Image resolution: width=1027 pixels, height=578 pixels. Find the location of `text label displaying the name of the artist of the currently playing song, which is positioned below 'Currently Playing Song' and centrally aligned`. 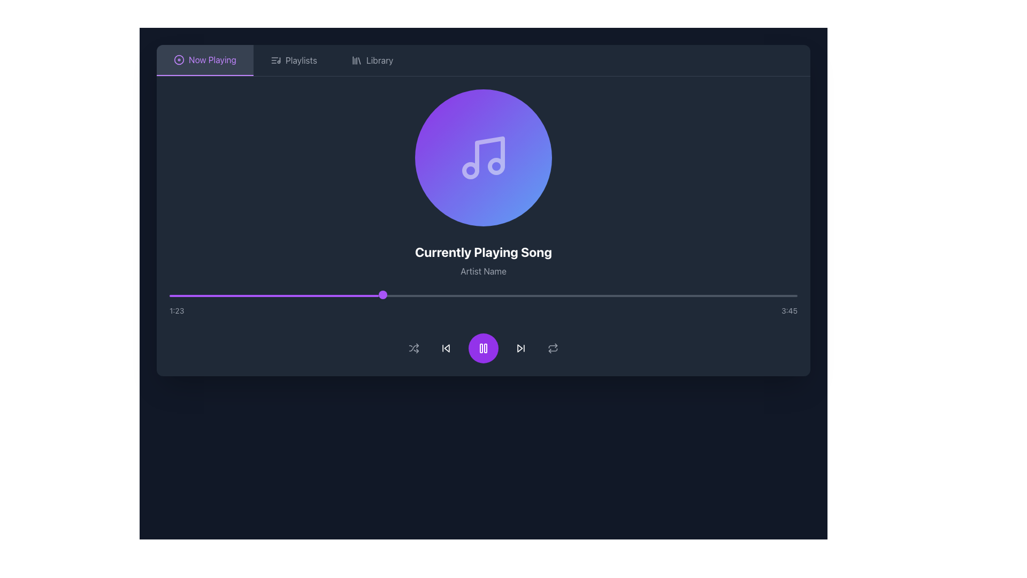

text label displaying the name of the artist of the currently playing song, which is positioned below 'Currently Playing Song' and centrally aligned is located at coordinates (482, 270).